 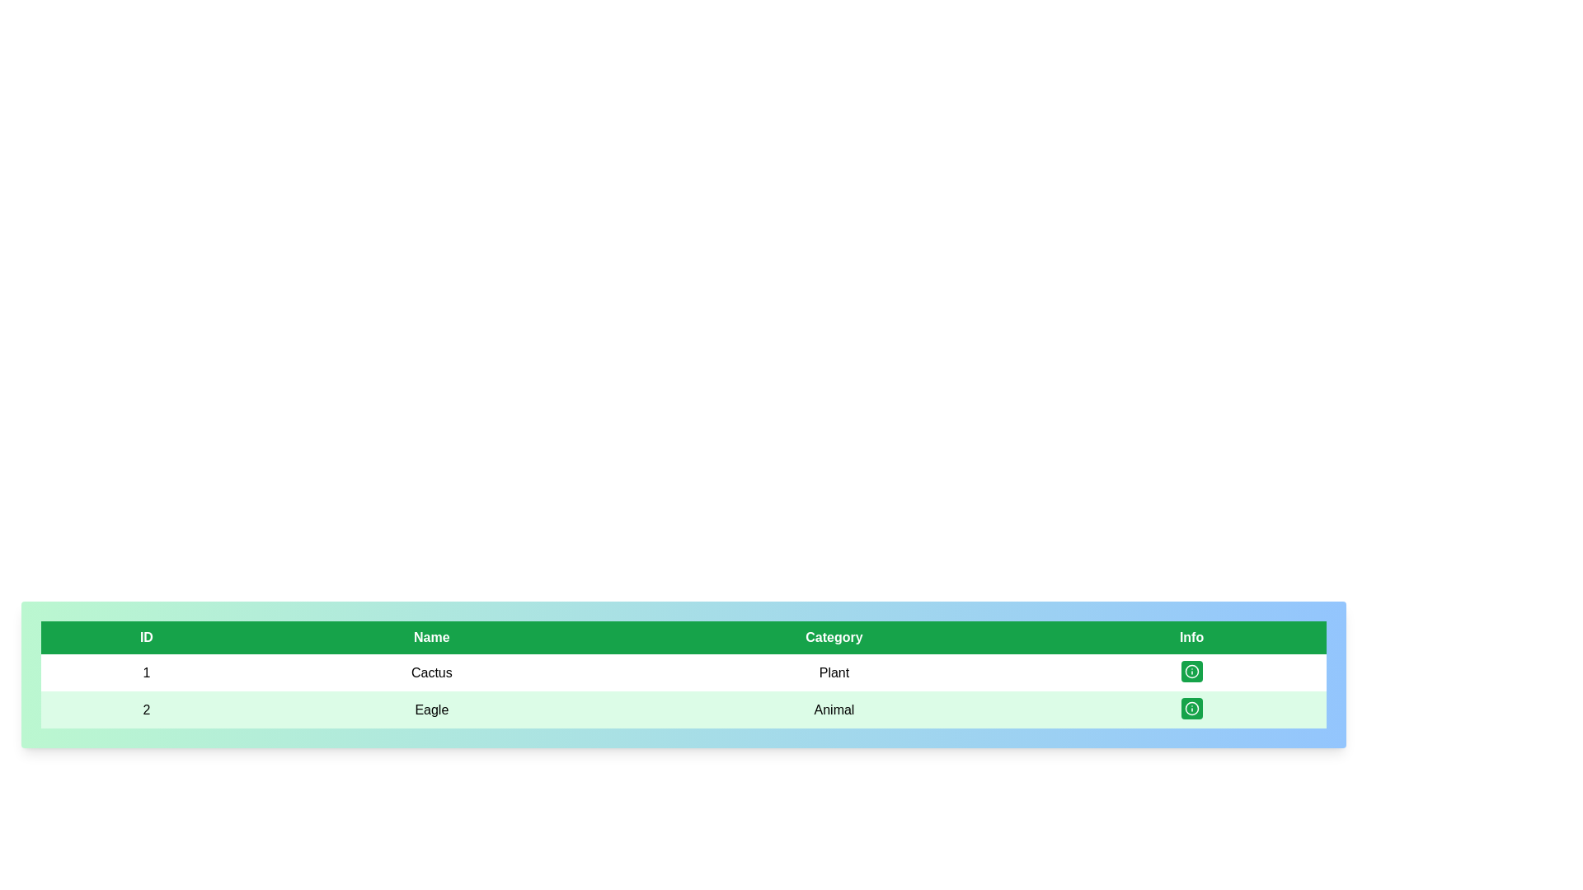 What do you see at coordinates (683, 672) in the screenshot?
I see `the first row in the table that contains ID, Name, Category, and Info` at bounding box center [683, 672].